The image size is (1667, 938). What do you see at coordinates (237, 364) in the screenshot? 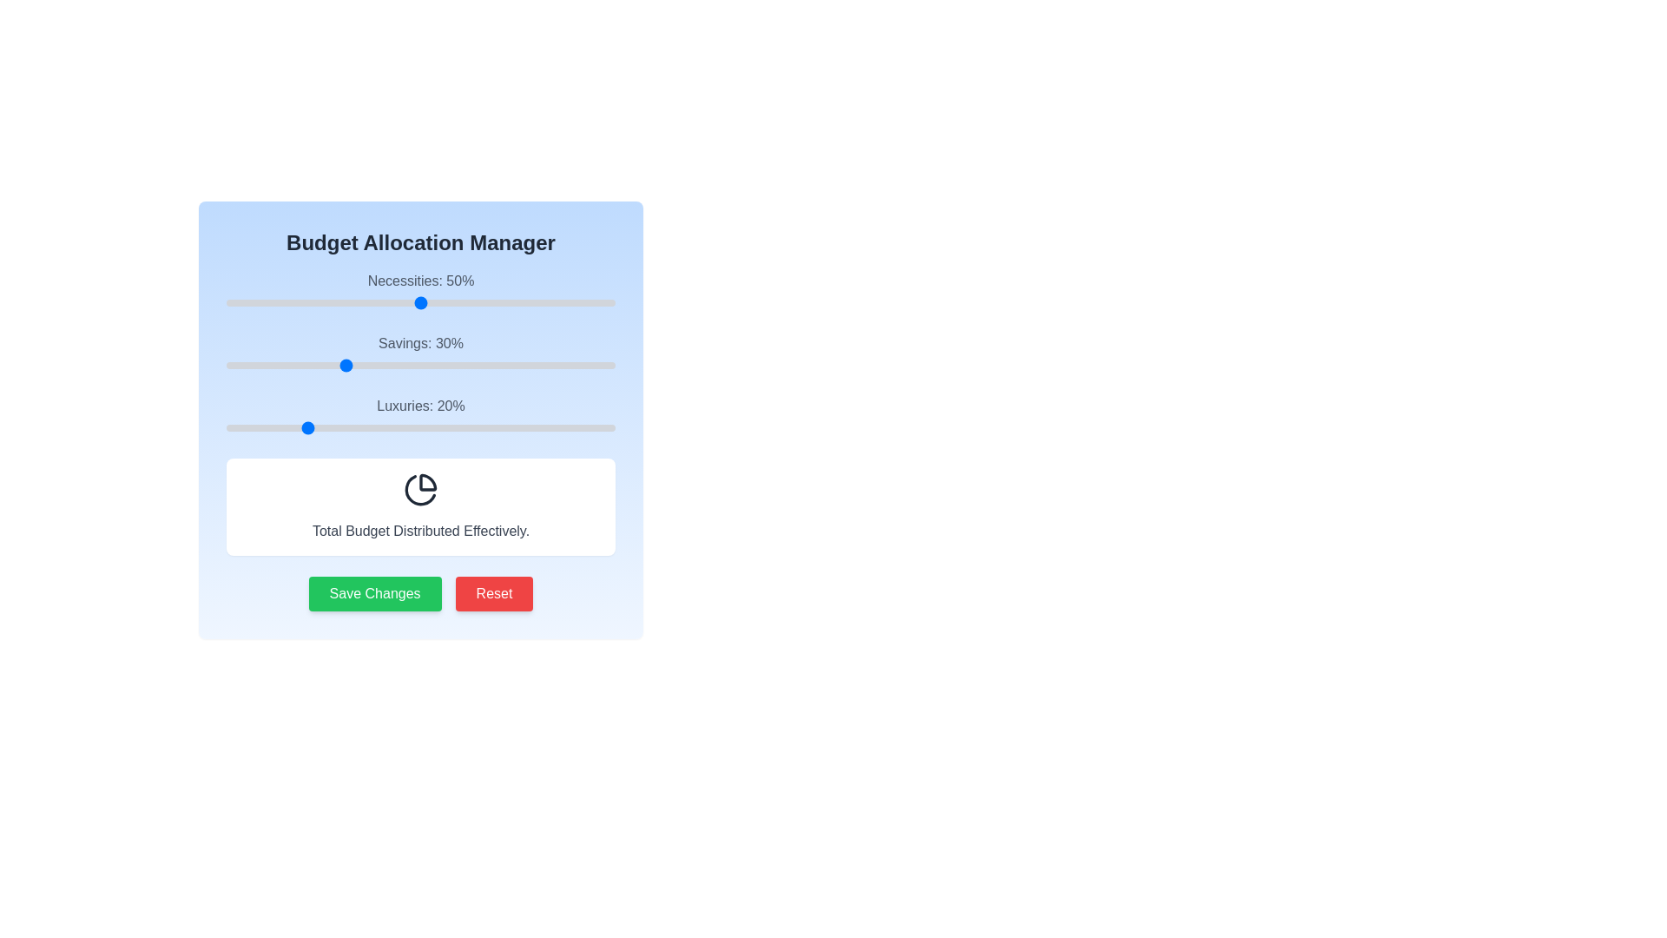
I see `the savings percentage` at bounding box center [237, 364].